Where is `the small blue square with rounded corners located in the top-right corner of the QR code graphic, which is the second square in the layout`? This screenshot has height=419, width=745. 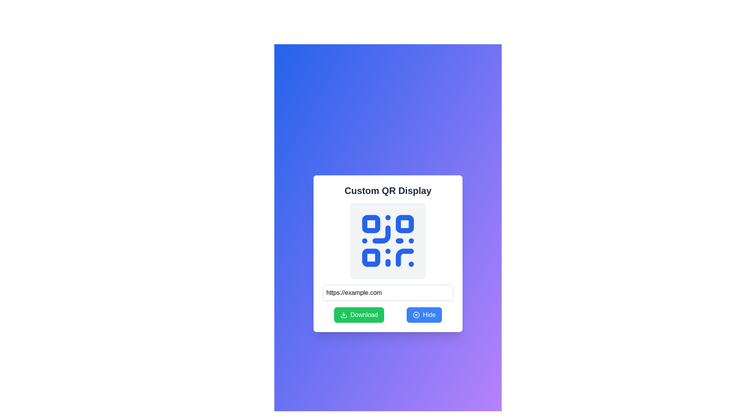 the small blue square with rounded corners located in the top-right corner of the QR code graphic, which is the second square in the layout is located at coordinates (404, 224).